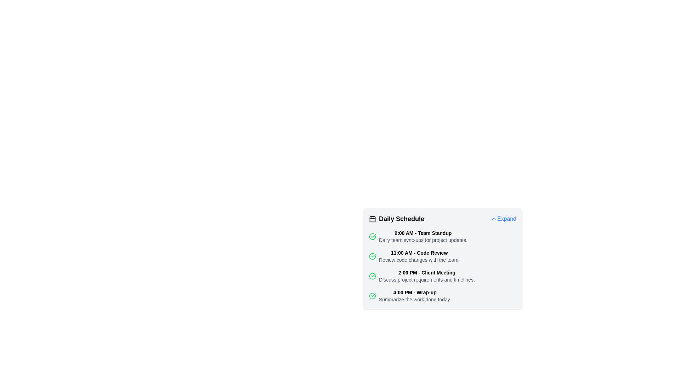 The width and height of the screenshot is (680, 382). I want to click on the circular green outlined icon with a checkmark at its center, which represents a confirmation status, located to the left of the text '2:00 PM - Client Meeting', so click(372, 276).